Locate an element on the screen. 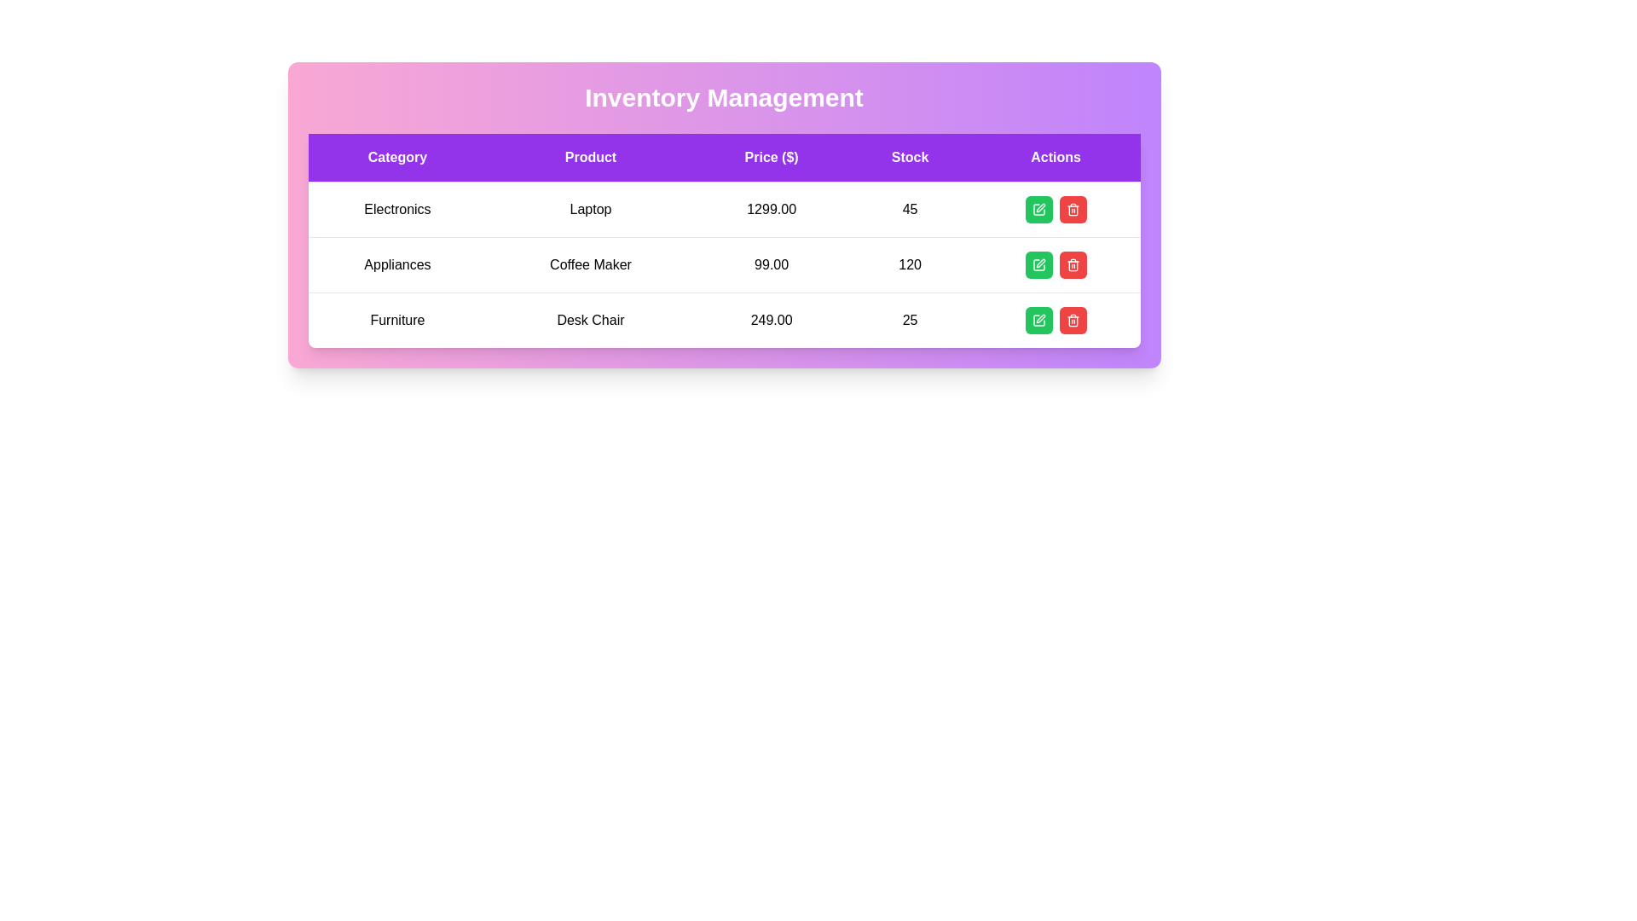  the trash icon button in the 'Actions' column of the third row of the data table is located at coordinates (1072, 265).